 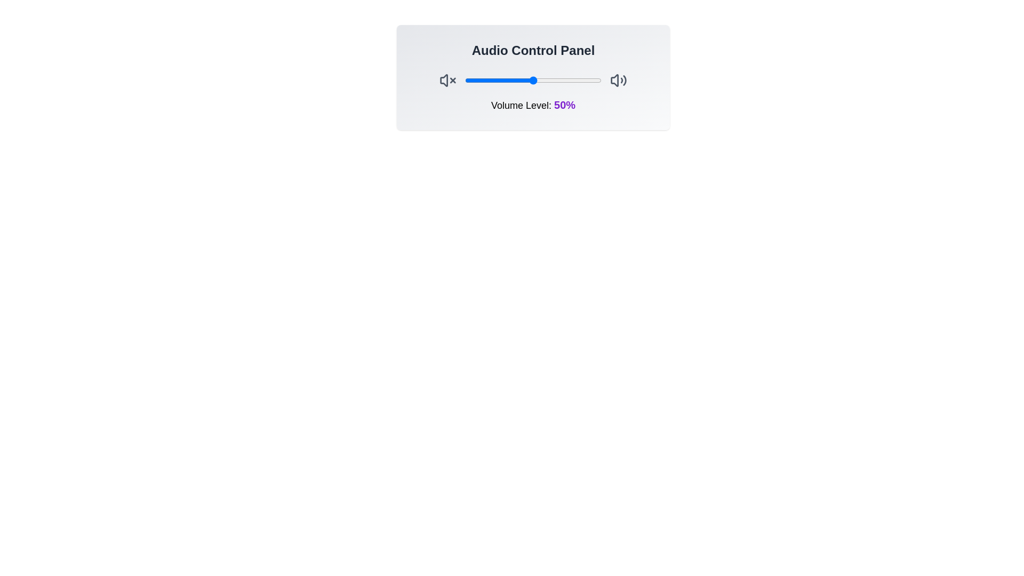 I want to click on volume, so click(x=527, y=79).